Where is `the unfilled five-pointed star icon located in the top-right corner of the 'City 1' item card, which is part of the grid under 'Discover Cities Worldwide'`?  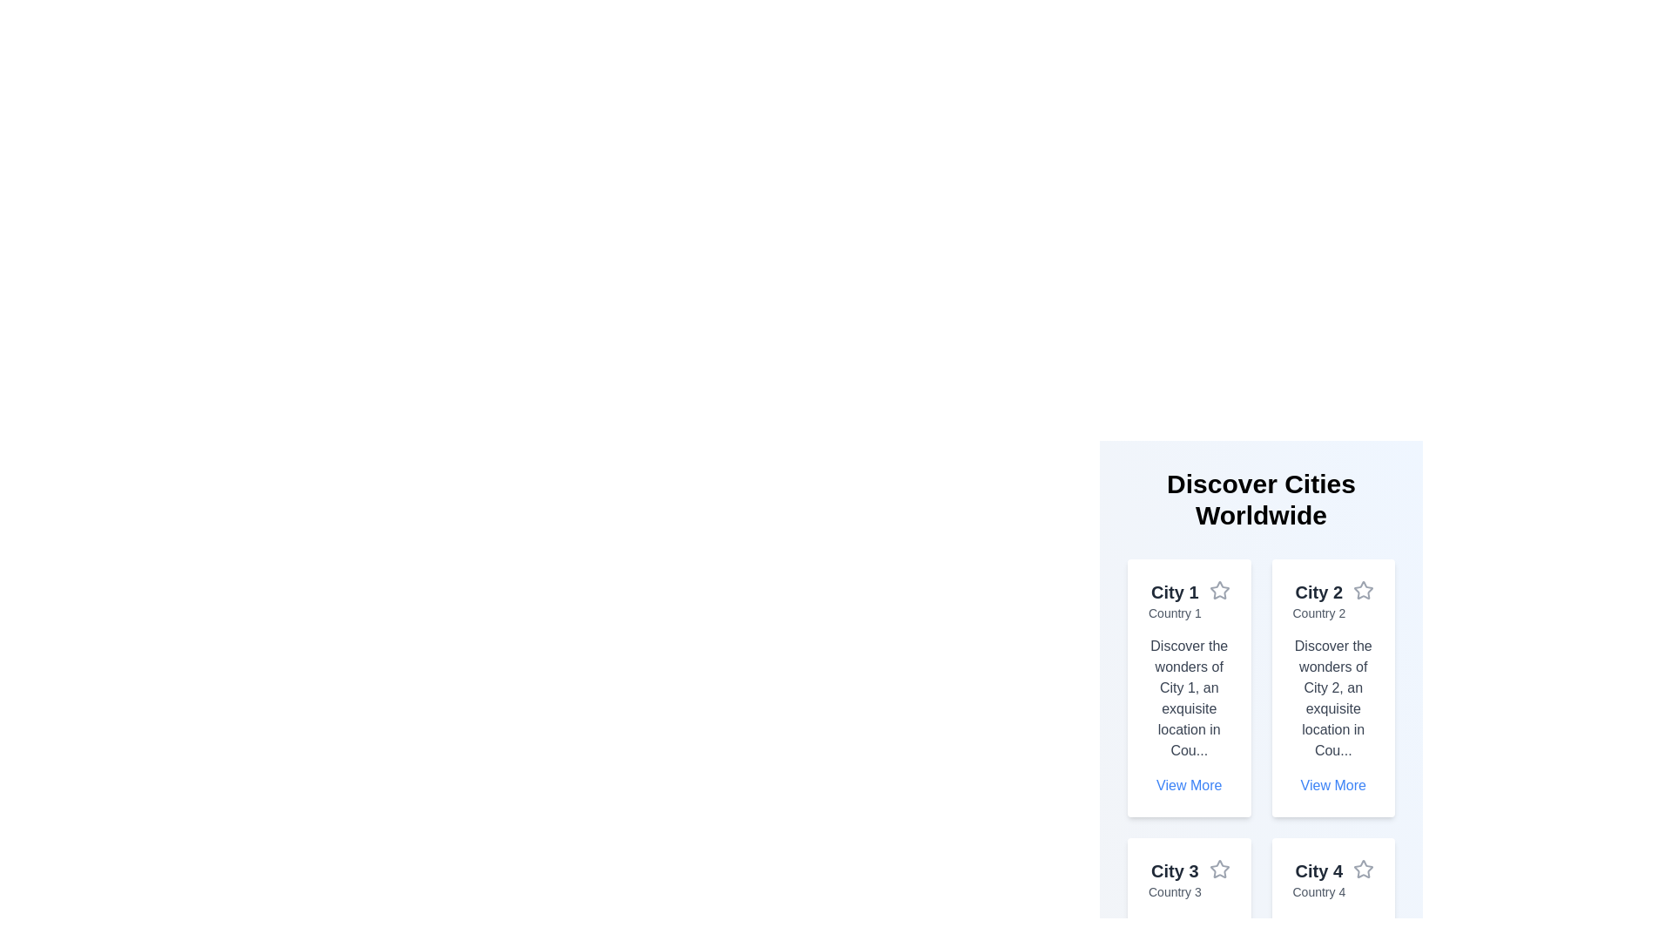 the unfilled five-pointed star icon located in the top-right corner of the 'City 1' item card, which is part of the grid under 'Discover Cities Worldwide' is located at coordinates (1218, 589).